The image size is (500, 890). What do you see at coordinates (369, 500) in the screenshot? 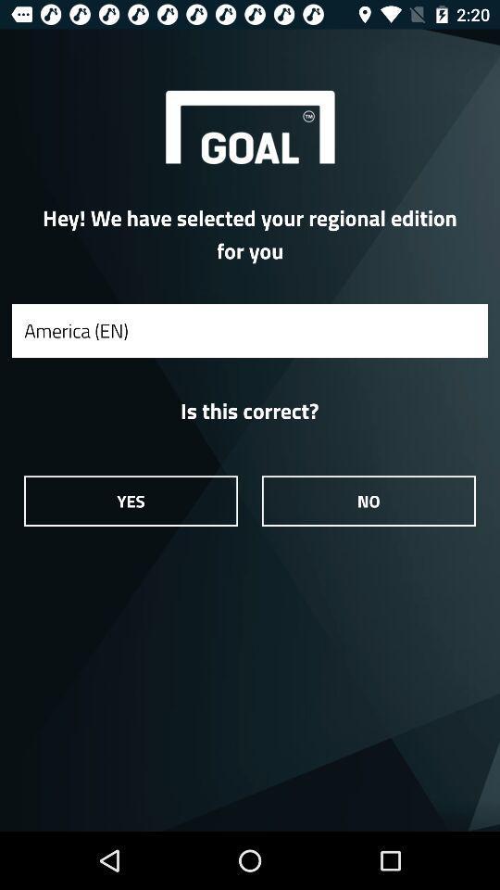
I see `the icon below the is this correct? item` at bounding box center [369, 500].